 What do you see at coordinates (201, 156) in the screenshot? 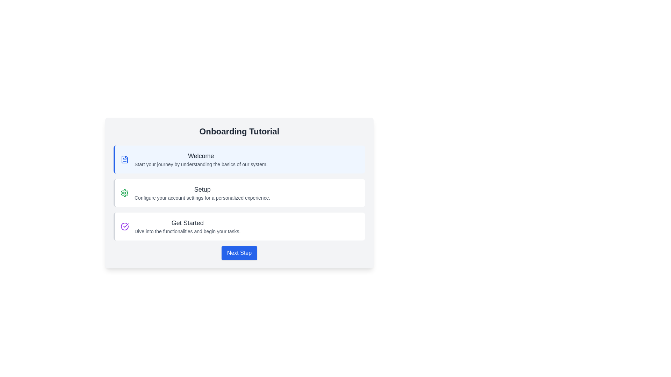
I see `the title header element that introduces users to the system, located above the text 'Start your journey by understanding the basics of our system.'` at bounding box center [201, 156].